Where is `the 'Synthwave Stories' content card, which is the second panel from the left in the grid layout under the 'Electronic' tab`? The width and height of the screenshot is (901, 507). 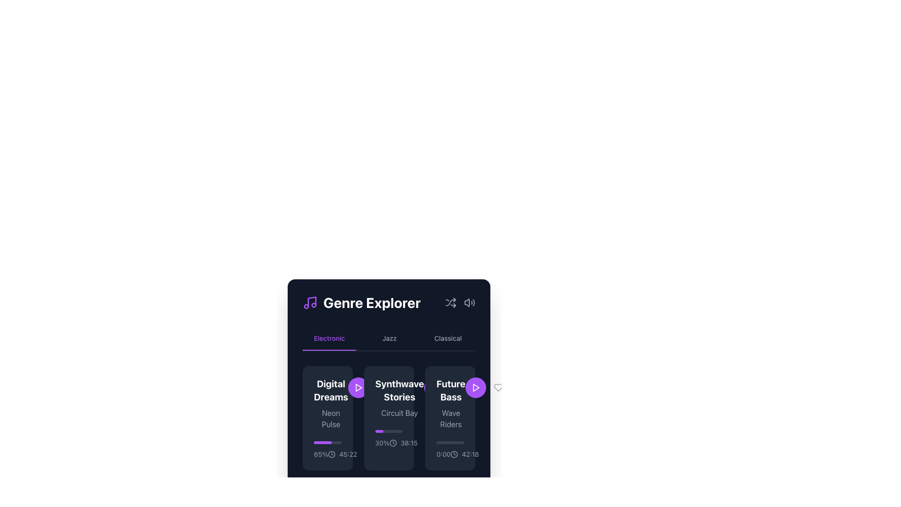
the 'Synthwave Stories' content card, which is the second panel from the left in the grid layout under the 'Electronic' tab is located at coordinates (389, 418).